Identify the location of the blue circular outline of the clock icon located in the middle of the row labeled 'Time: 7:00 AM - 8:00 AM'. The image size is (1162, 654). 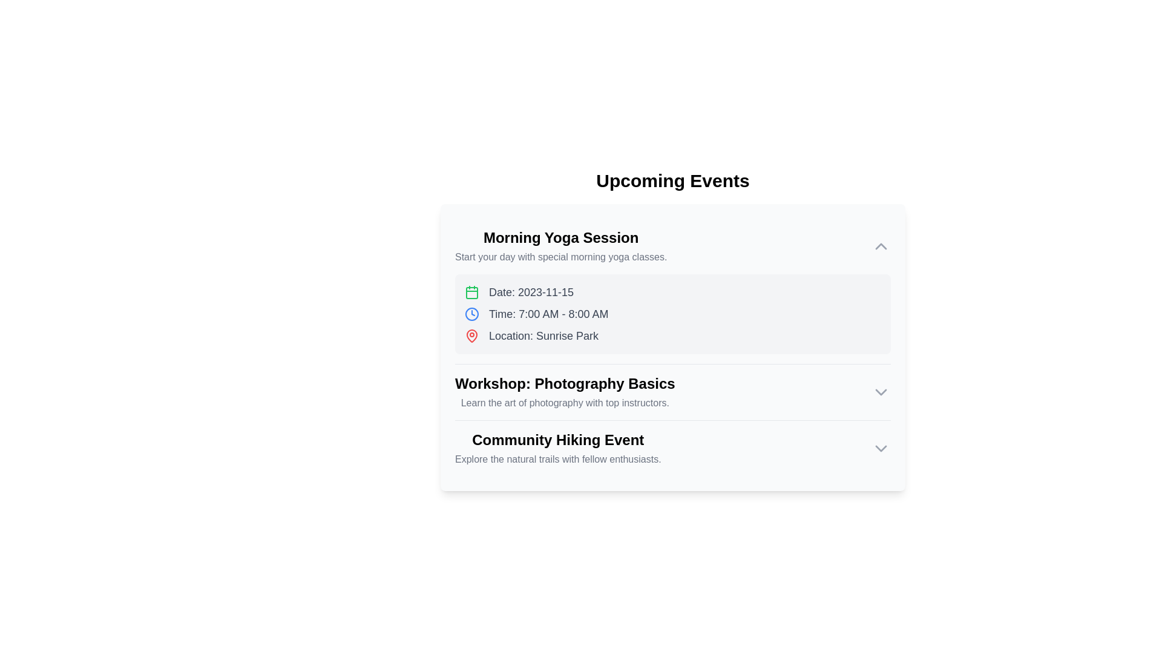
(471, 314).